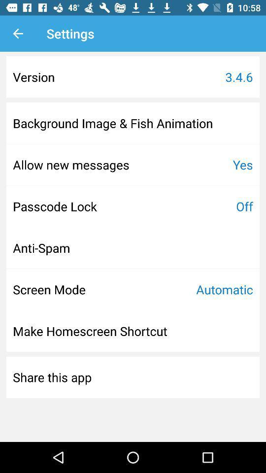 The width and height of the screenshot is (266, 473). Describe the element at coordinates (242, 165) in the screenshot. I see `icon to the right of the allow new messages item` at that location.